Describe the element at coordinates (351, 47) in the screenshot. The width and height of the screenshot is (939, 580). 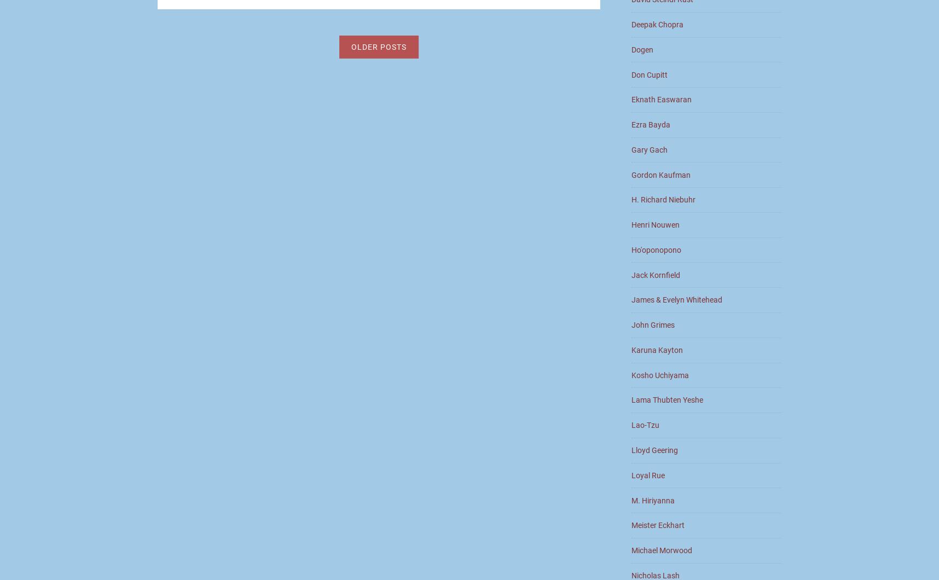
I see `'Older posts'` at that location.